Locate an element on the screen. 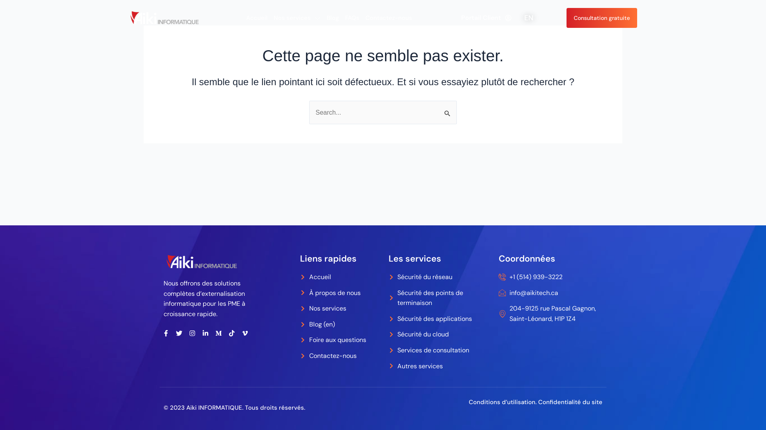  'Medium-m' is located at coordinates (218, 333).